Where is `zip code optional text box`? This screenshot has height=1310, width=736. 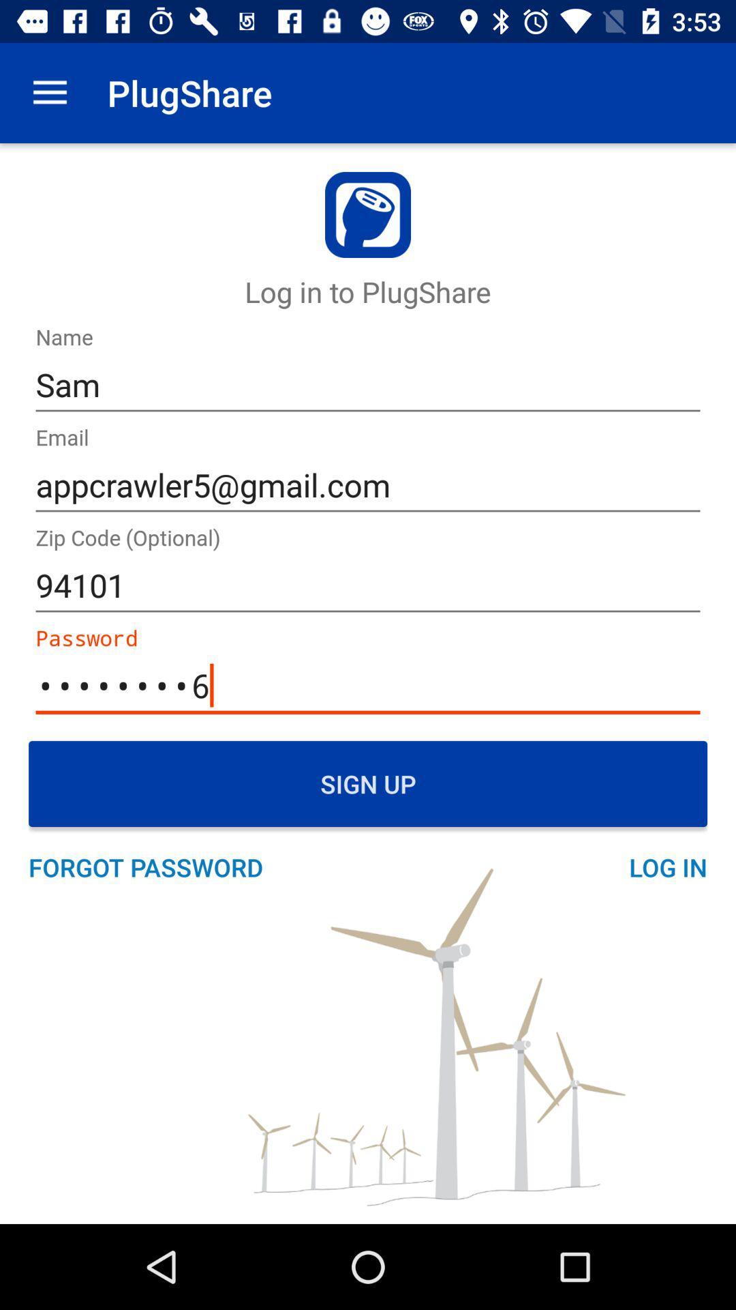 zip code optional text box is located at coordinates (368, 586).